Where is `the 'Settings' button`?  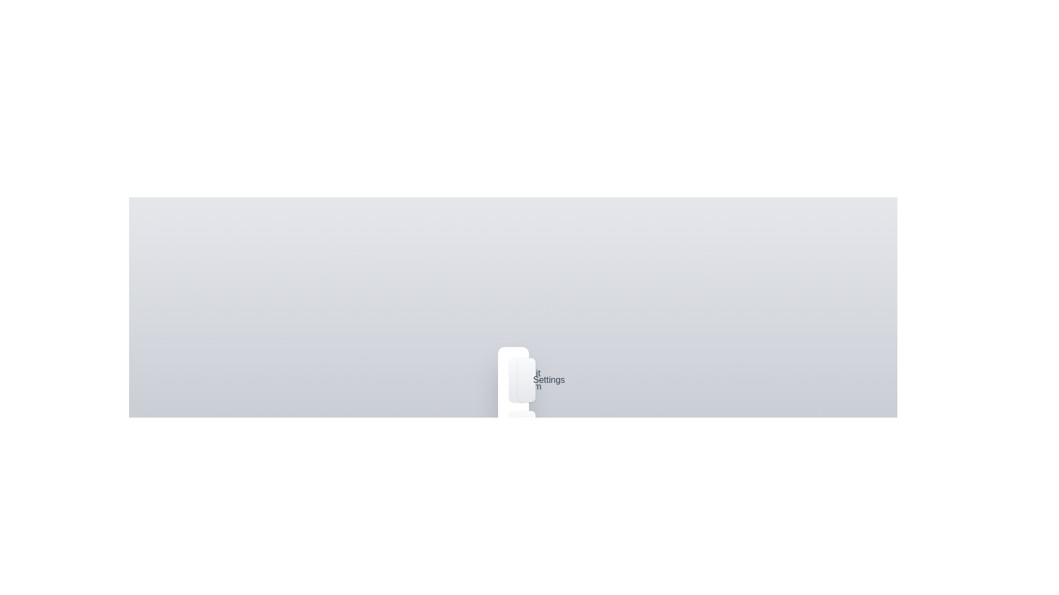
the 'Settings' button is located at coordinates (526, 380).